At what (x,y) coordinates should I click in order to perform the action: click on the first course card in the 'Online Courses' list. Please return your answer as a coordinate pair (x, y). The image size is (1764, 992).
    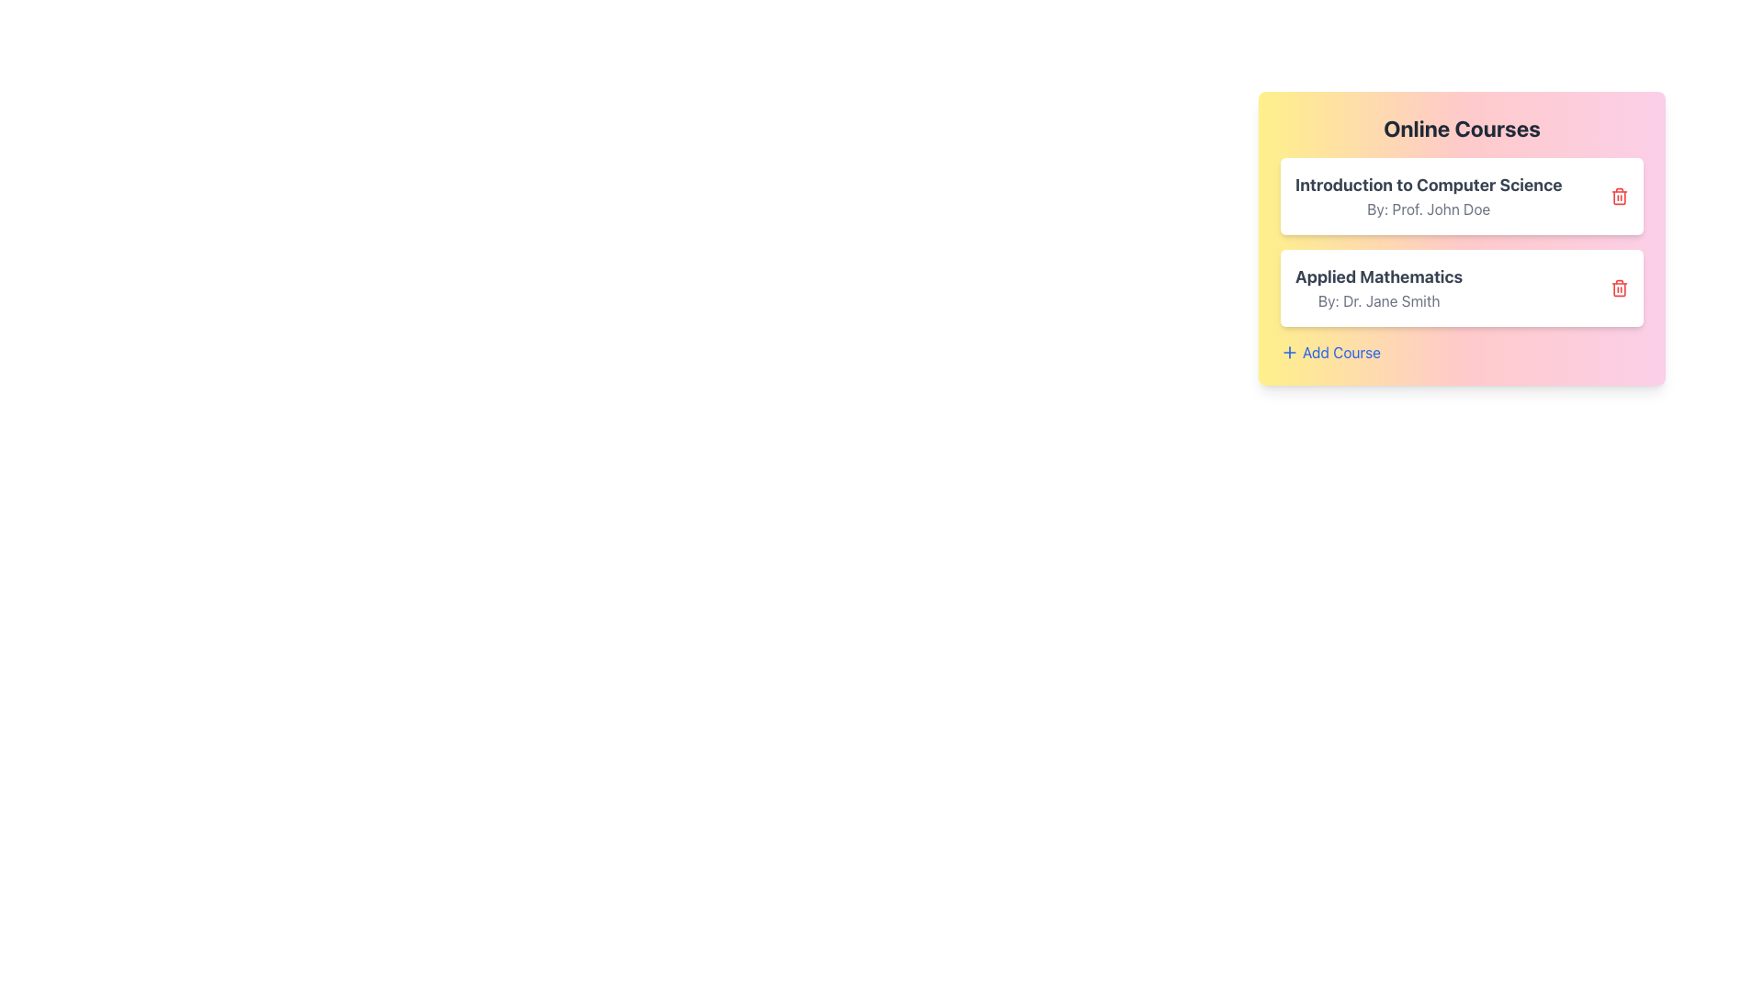
    Looking at the image, I should click on (1461, 196).